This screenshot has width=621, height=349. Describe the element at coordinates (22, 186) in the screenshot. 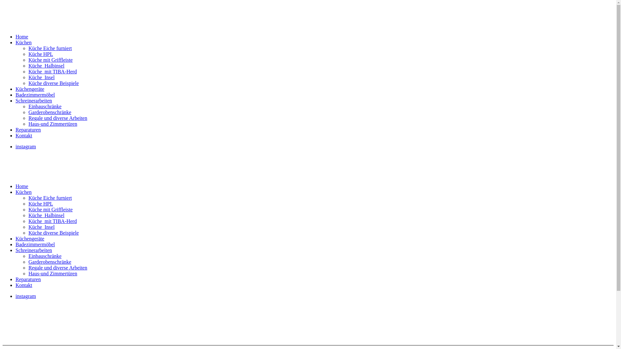

I see `'Home'` at that location.